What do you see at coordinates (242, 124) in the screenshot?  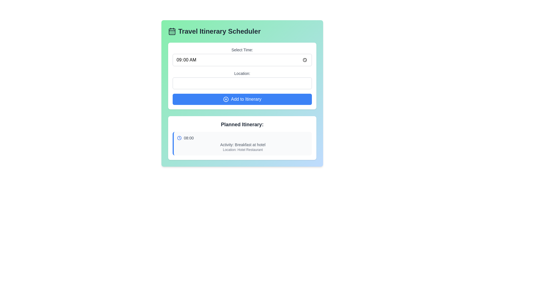 I see `the static text label that introduces the section displaying the planned itinerary details, located below the blue 'Add to Itinerary' button` at bounding box center [242, 124].